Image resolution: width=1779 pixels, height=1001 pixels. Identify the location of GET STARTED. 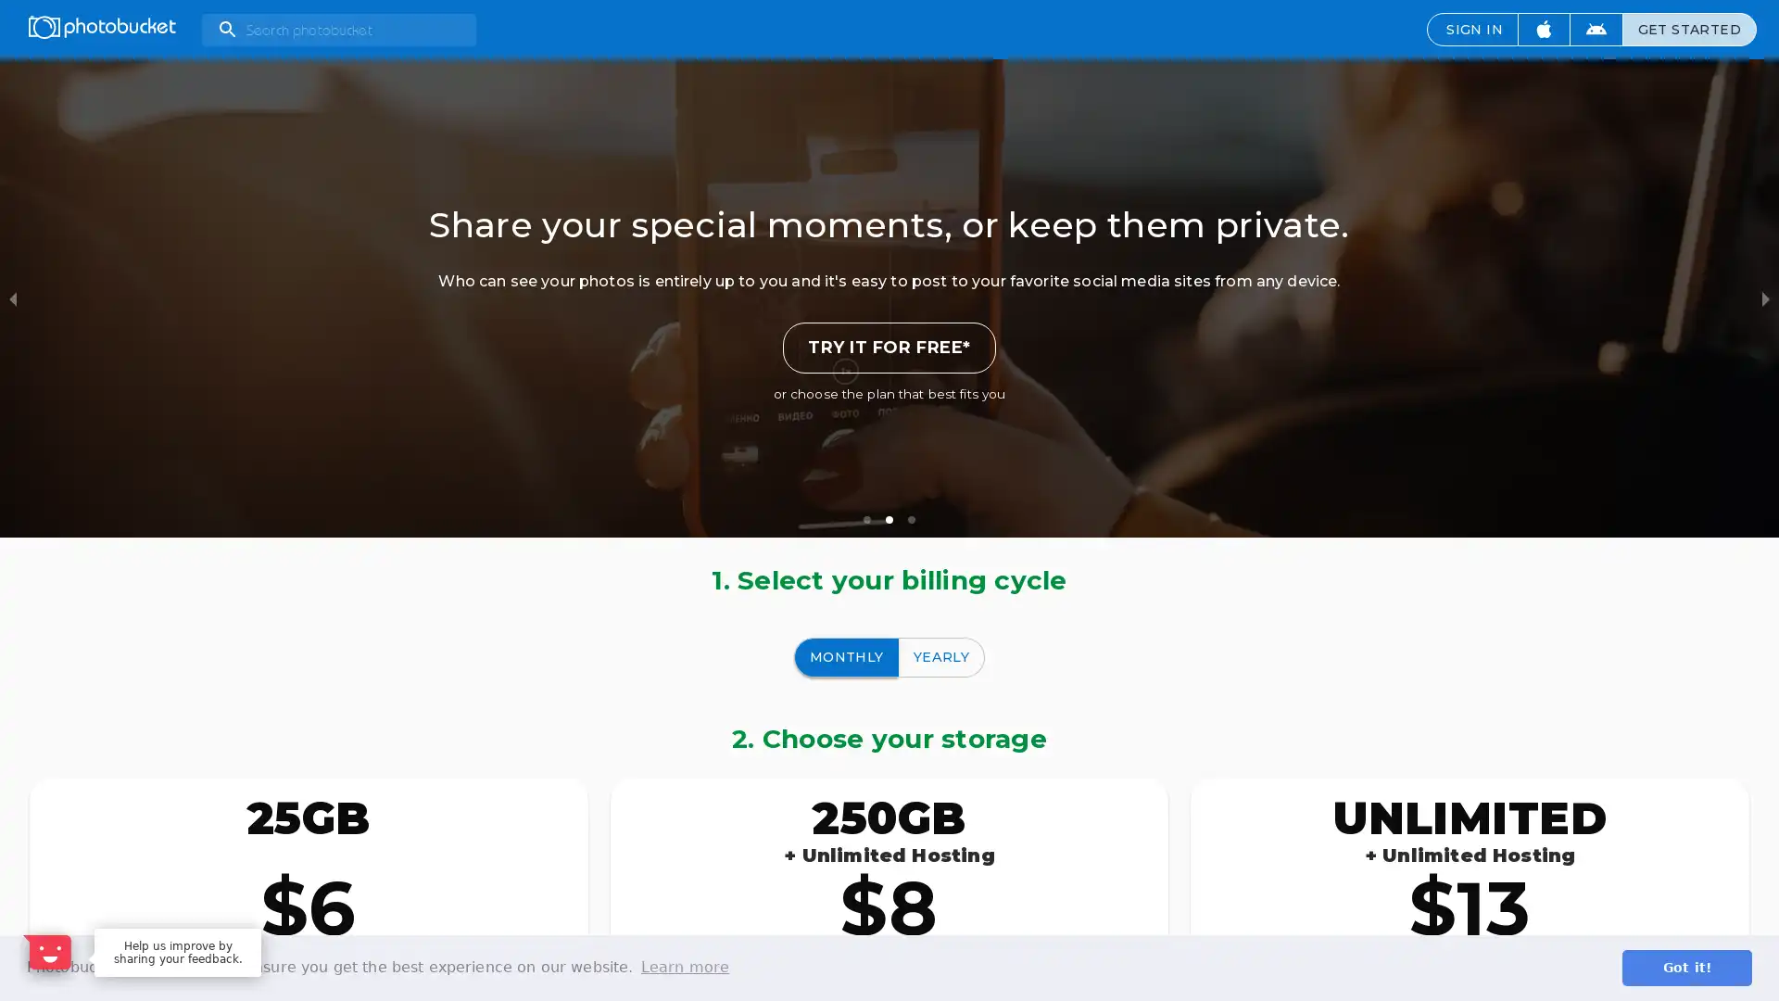
(1689, 29).